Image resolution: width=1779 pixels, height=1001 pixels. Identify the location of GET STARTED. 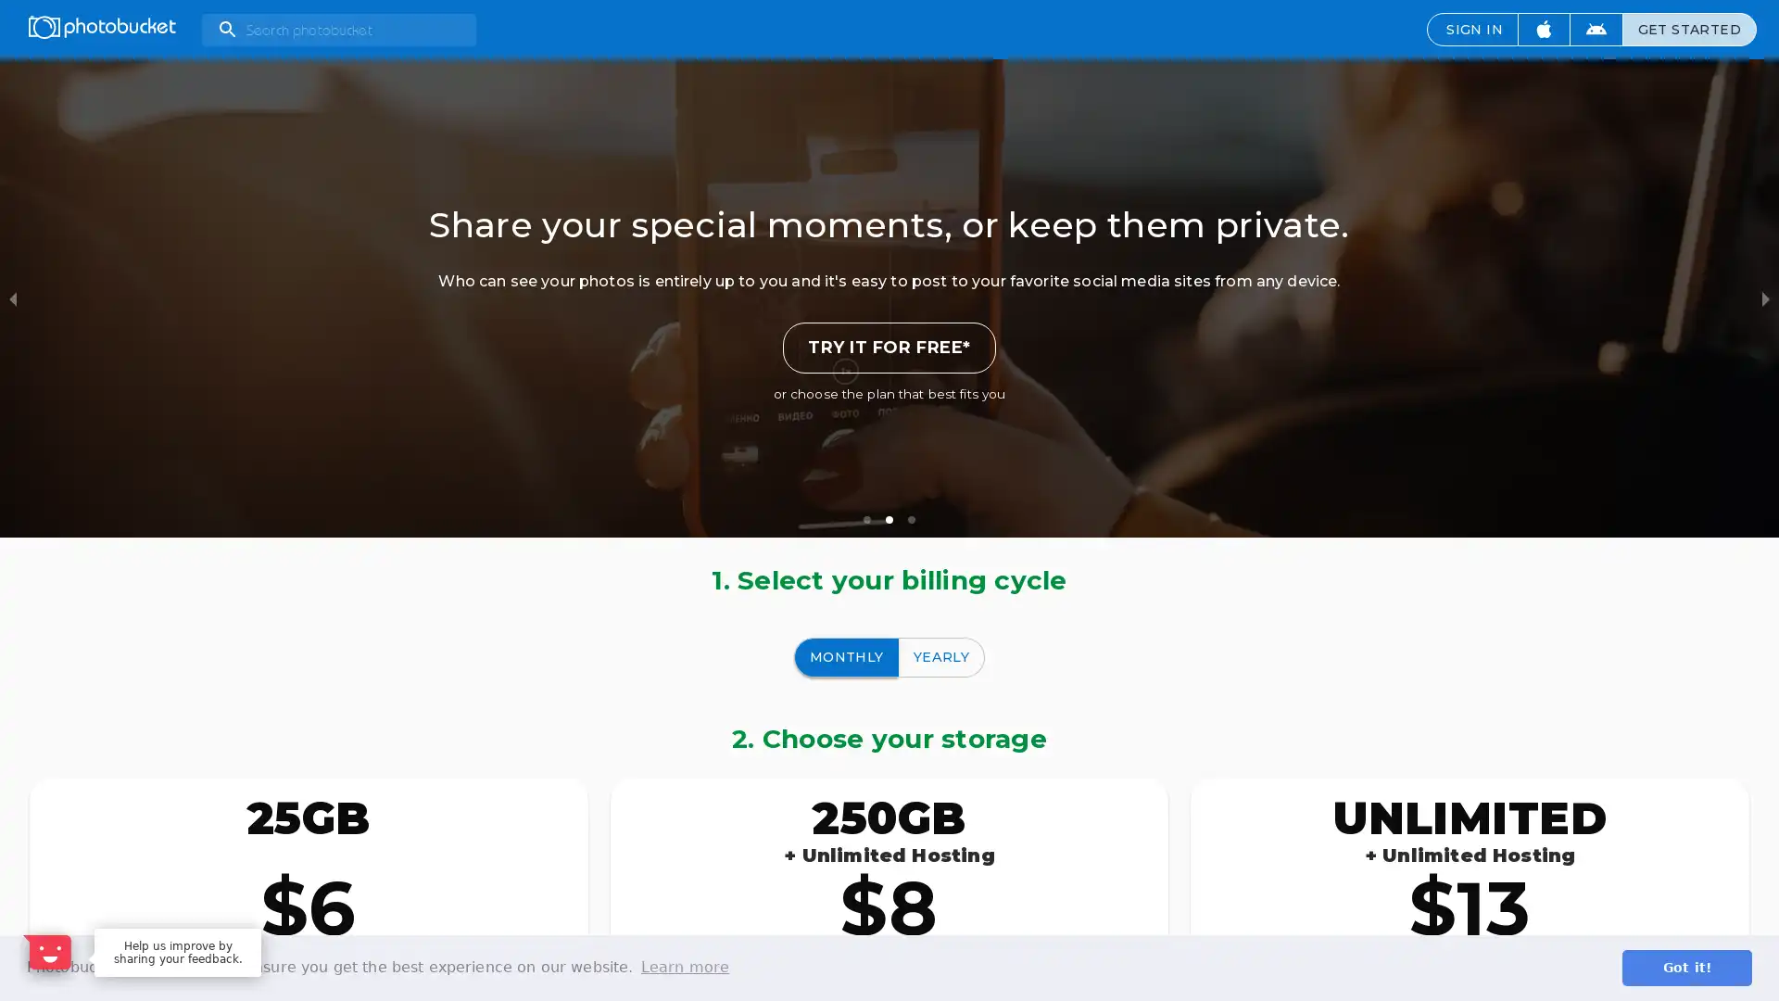
(1689, 29).